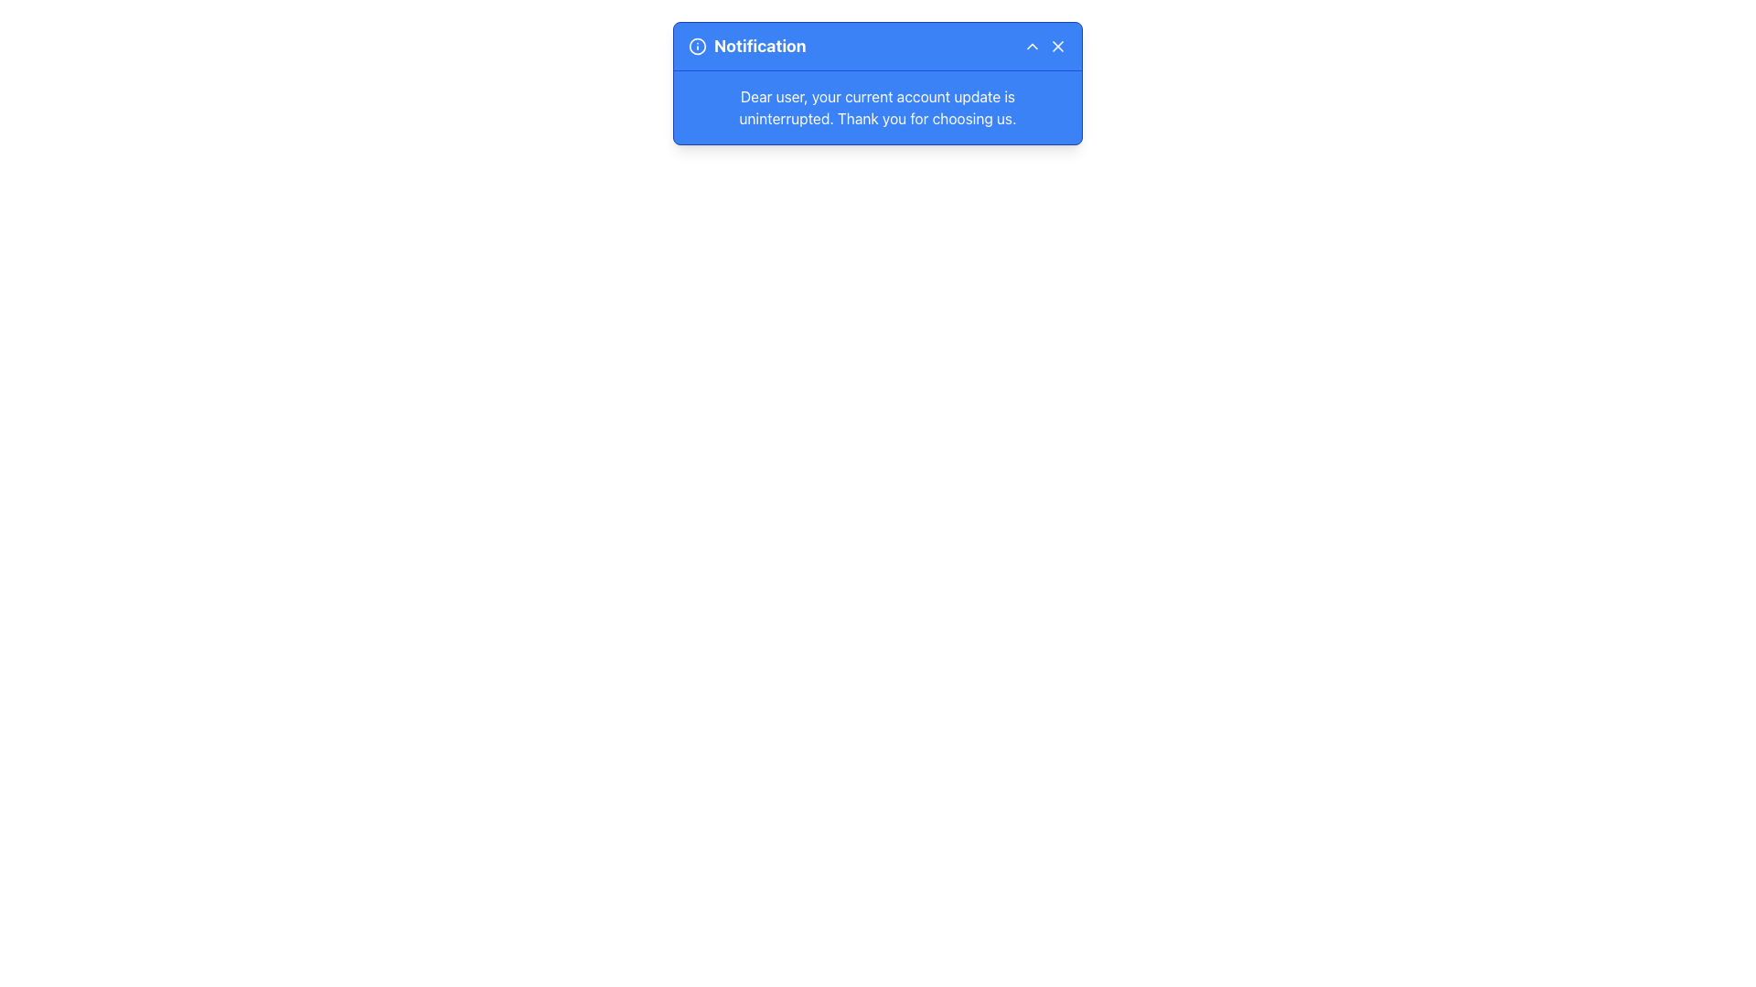 This screenshot has width=1756, height=987. Describe the element at coordinates (1057, 45) in the screenshot. I see `the close button icon (cross or 'X') located at the far right corner of the notification bar` at that location.